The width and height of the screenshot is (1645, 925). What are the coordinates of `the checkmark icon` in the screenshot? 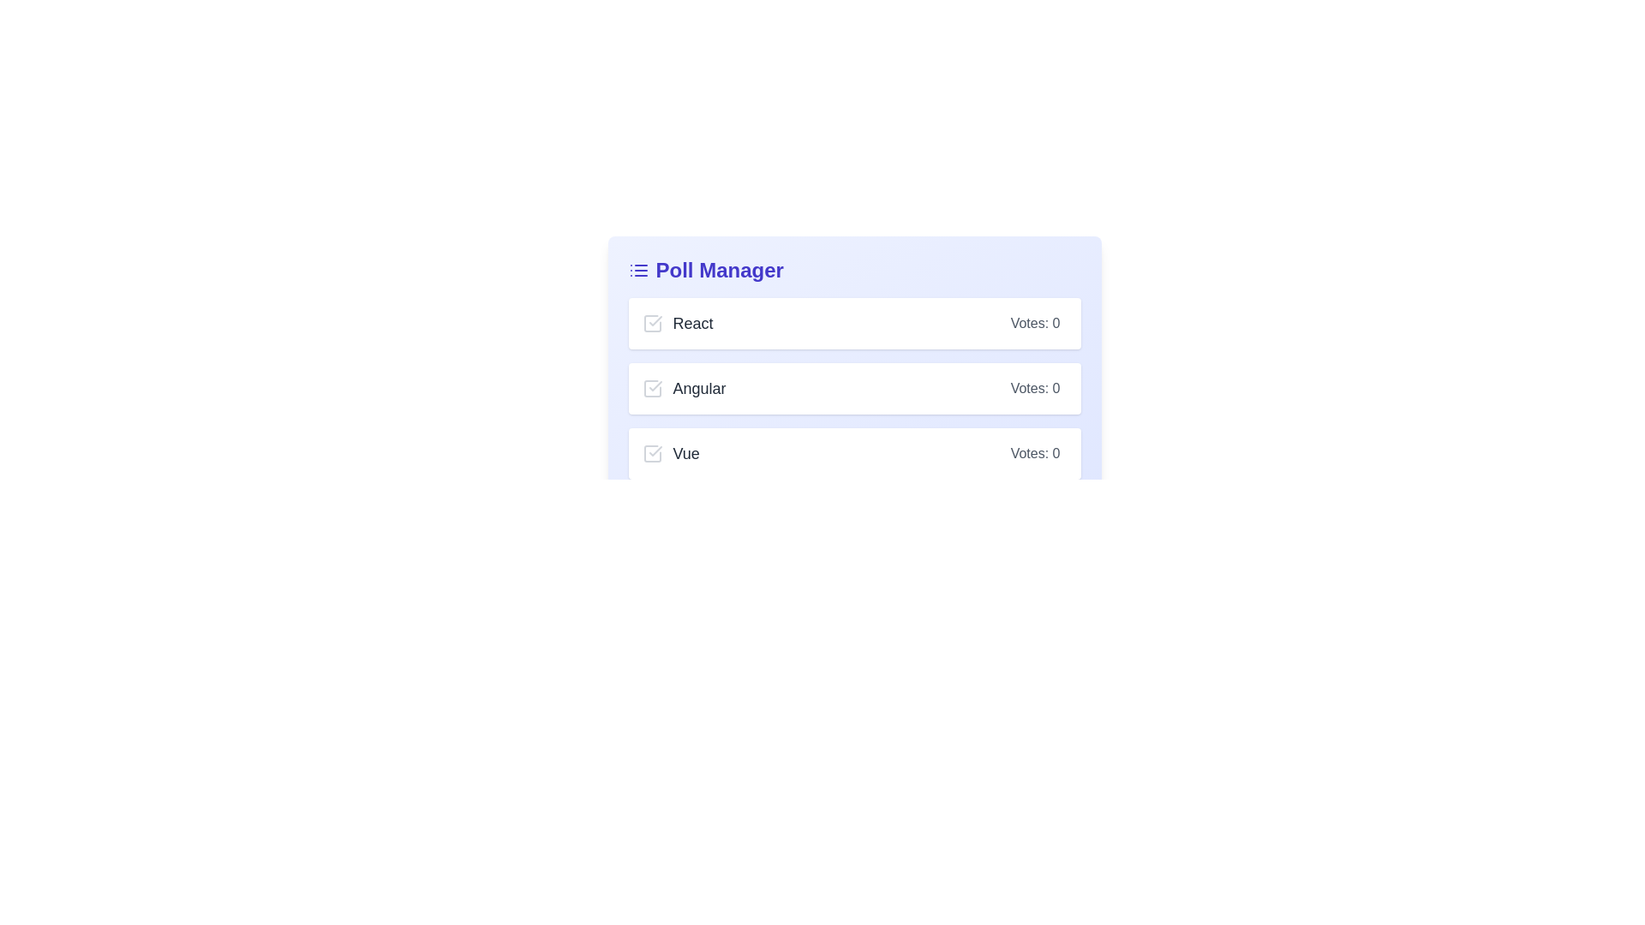 It's located at (654, 451).